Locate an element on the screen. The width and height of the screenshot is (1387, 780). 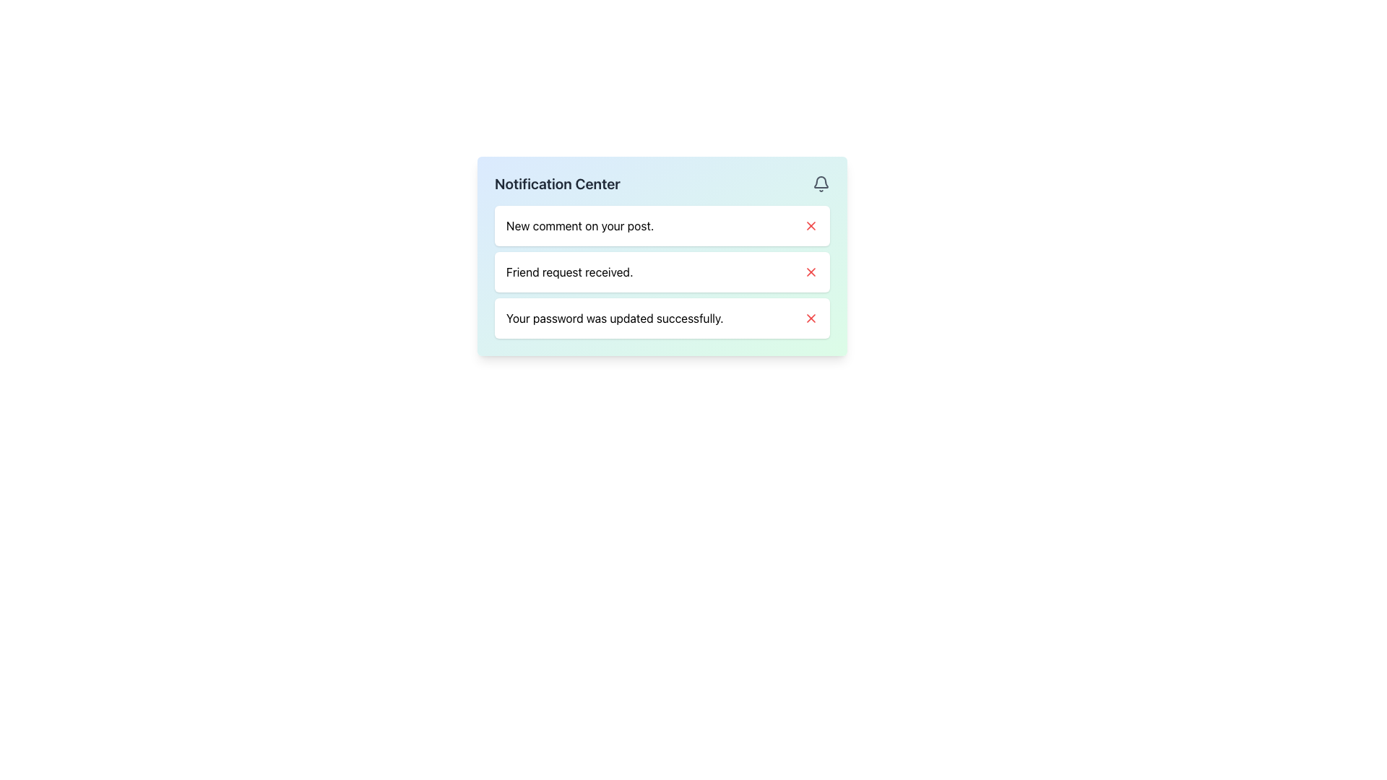
the small red 'X' close button located on the far right of the notification about 'New comment on your post.' is located at coordinates (811, 225).